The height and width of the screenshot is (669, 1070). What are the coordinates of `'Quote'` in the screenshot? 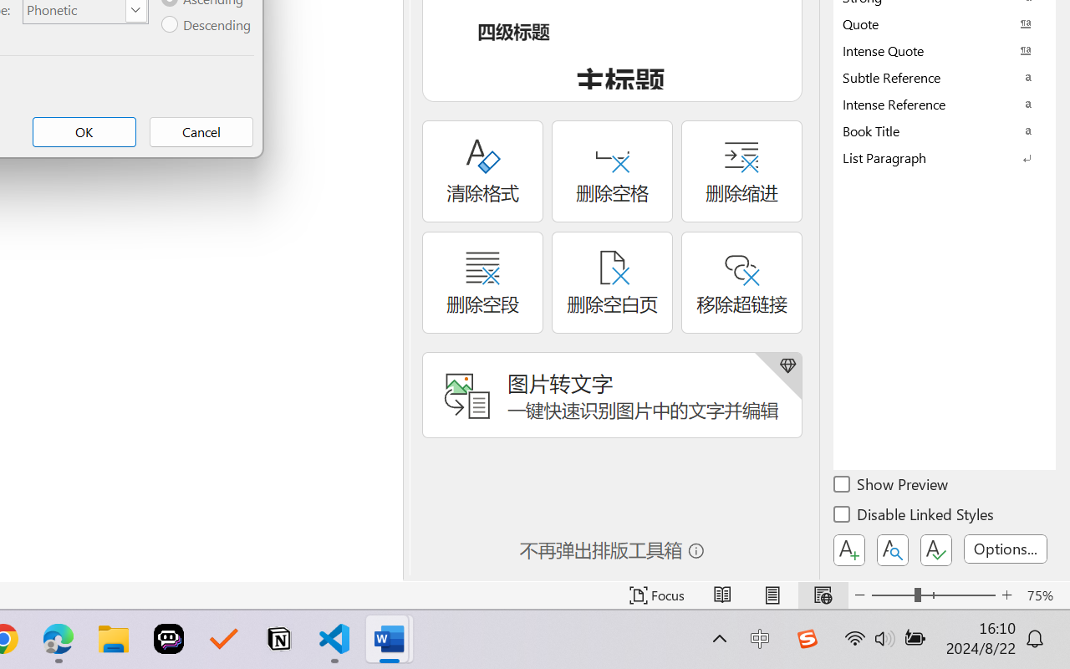 It's located at (945, 23).